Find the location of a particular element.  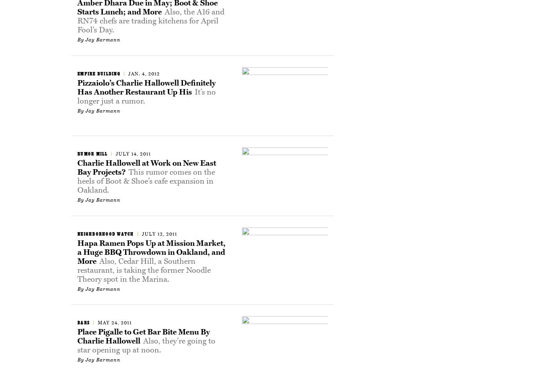

'Also, the A16 and RN74 chefs are trading kitchens for April Fool’s Day.' is located at coordinates (151, 20).